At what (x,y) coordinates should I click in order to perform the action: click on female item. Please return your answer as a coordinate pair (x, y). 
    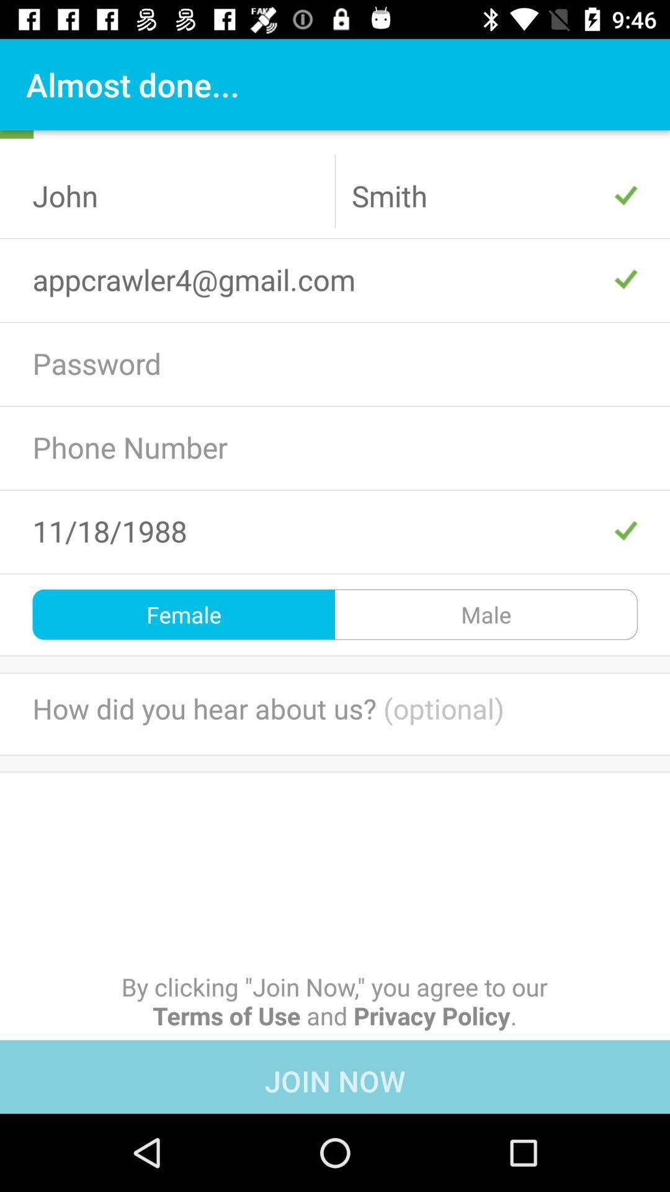
    Looking at the image, I should click on (184, 614).